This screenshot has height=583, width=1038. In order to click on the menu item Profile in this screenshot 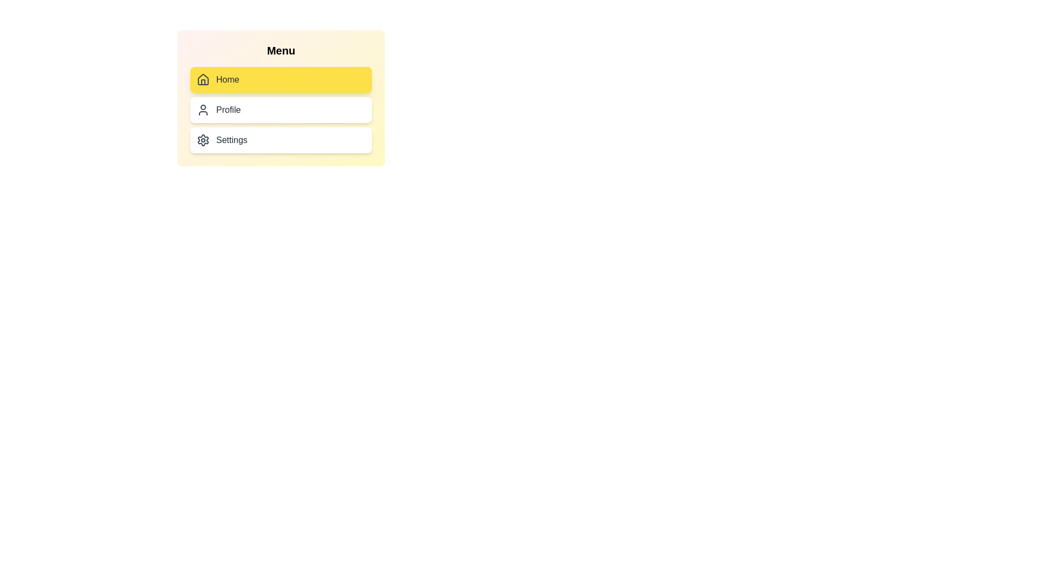, I will do `click(281, 110)`.